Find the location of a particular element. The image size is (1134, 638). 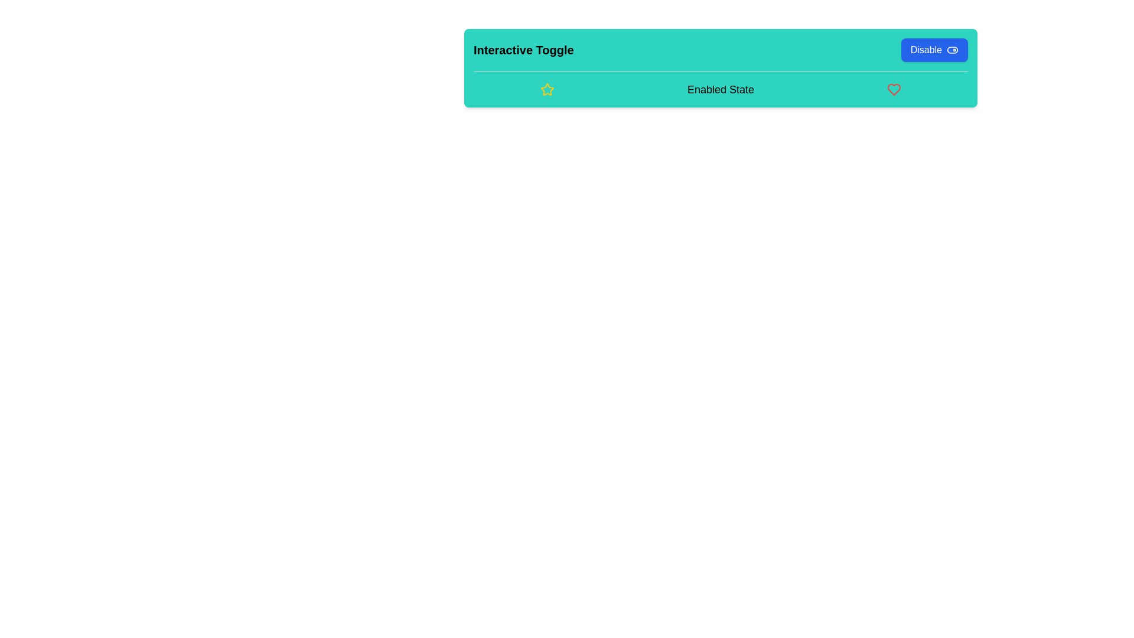

the blue button with rounded corners labeled 'Disable' to observe the hover effect is located at coordinates (934, 49).